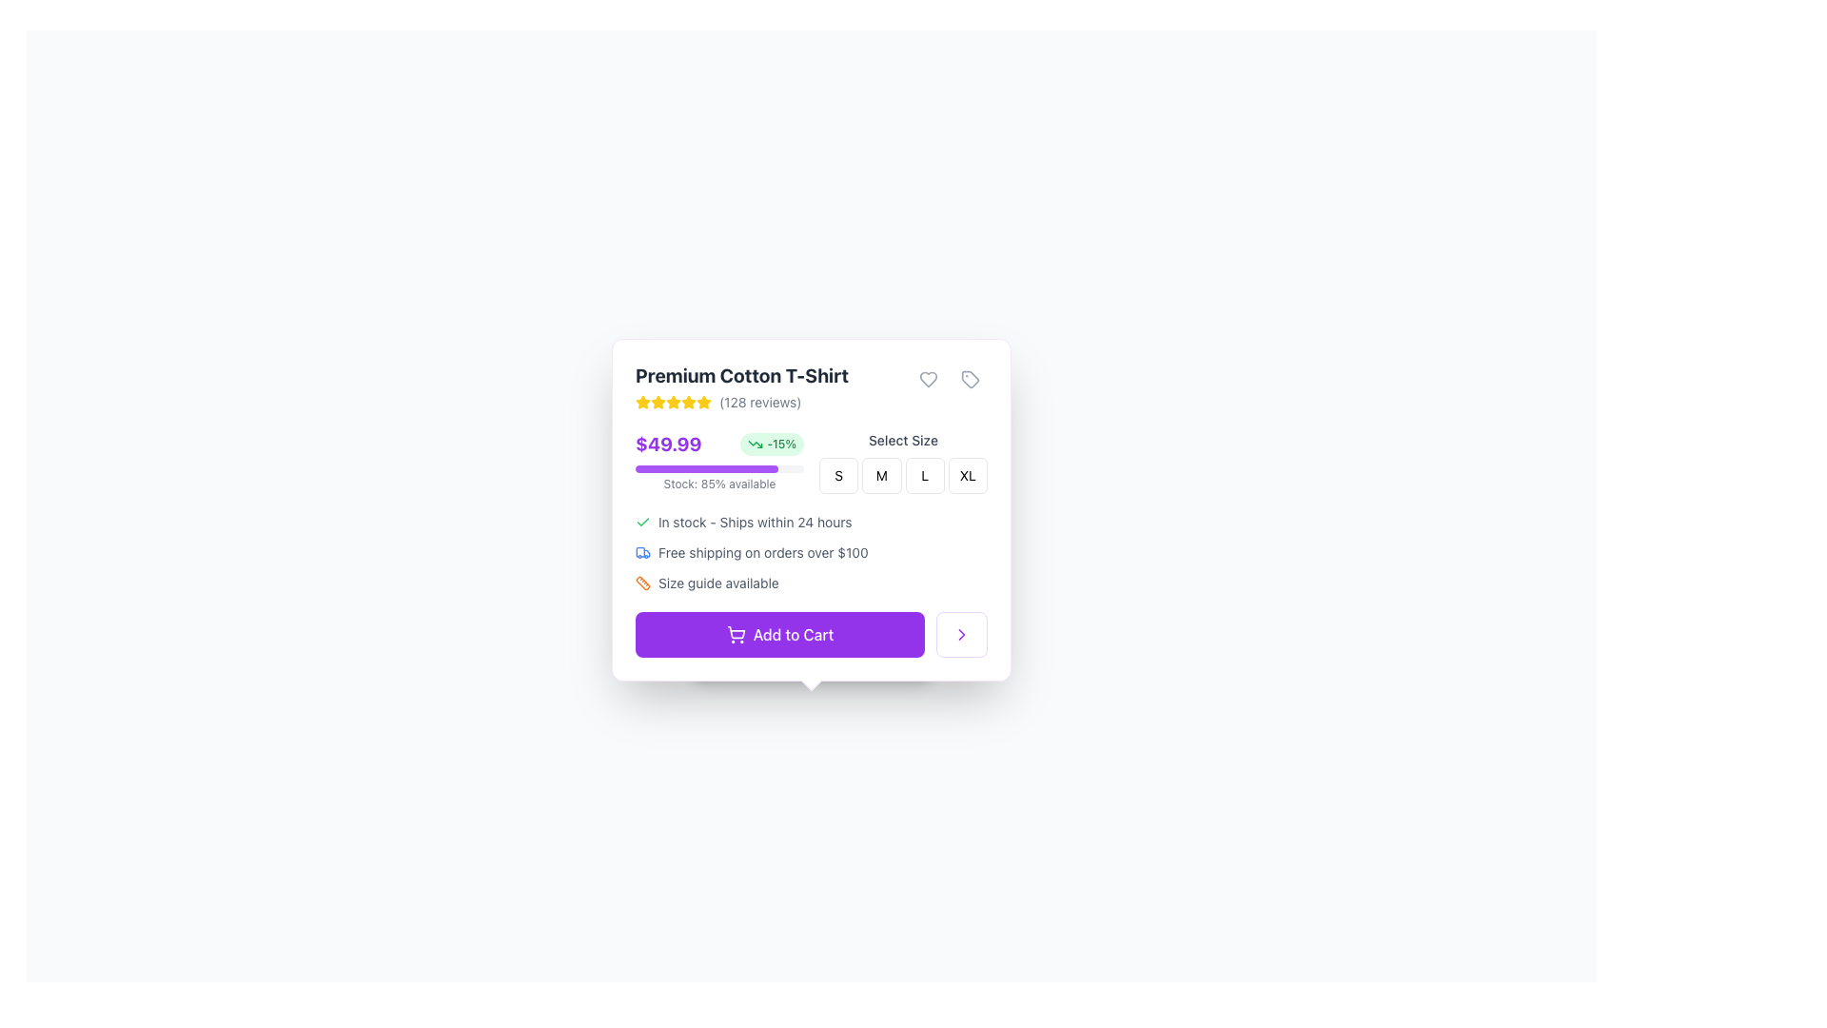 The image size is (1827, 1028). I want to click on the shopping cart icon located within the 'Add to Cart' button at the bottom of the card, which serves as a visual indicator for adding items to the shopping cart, so click(735, 635).